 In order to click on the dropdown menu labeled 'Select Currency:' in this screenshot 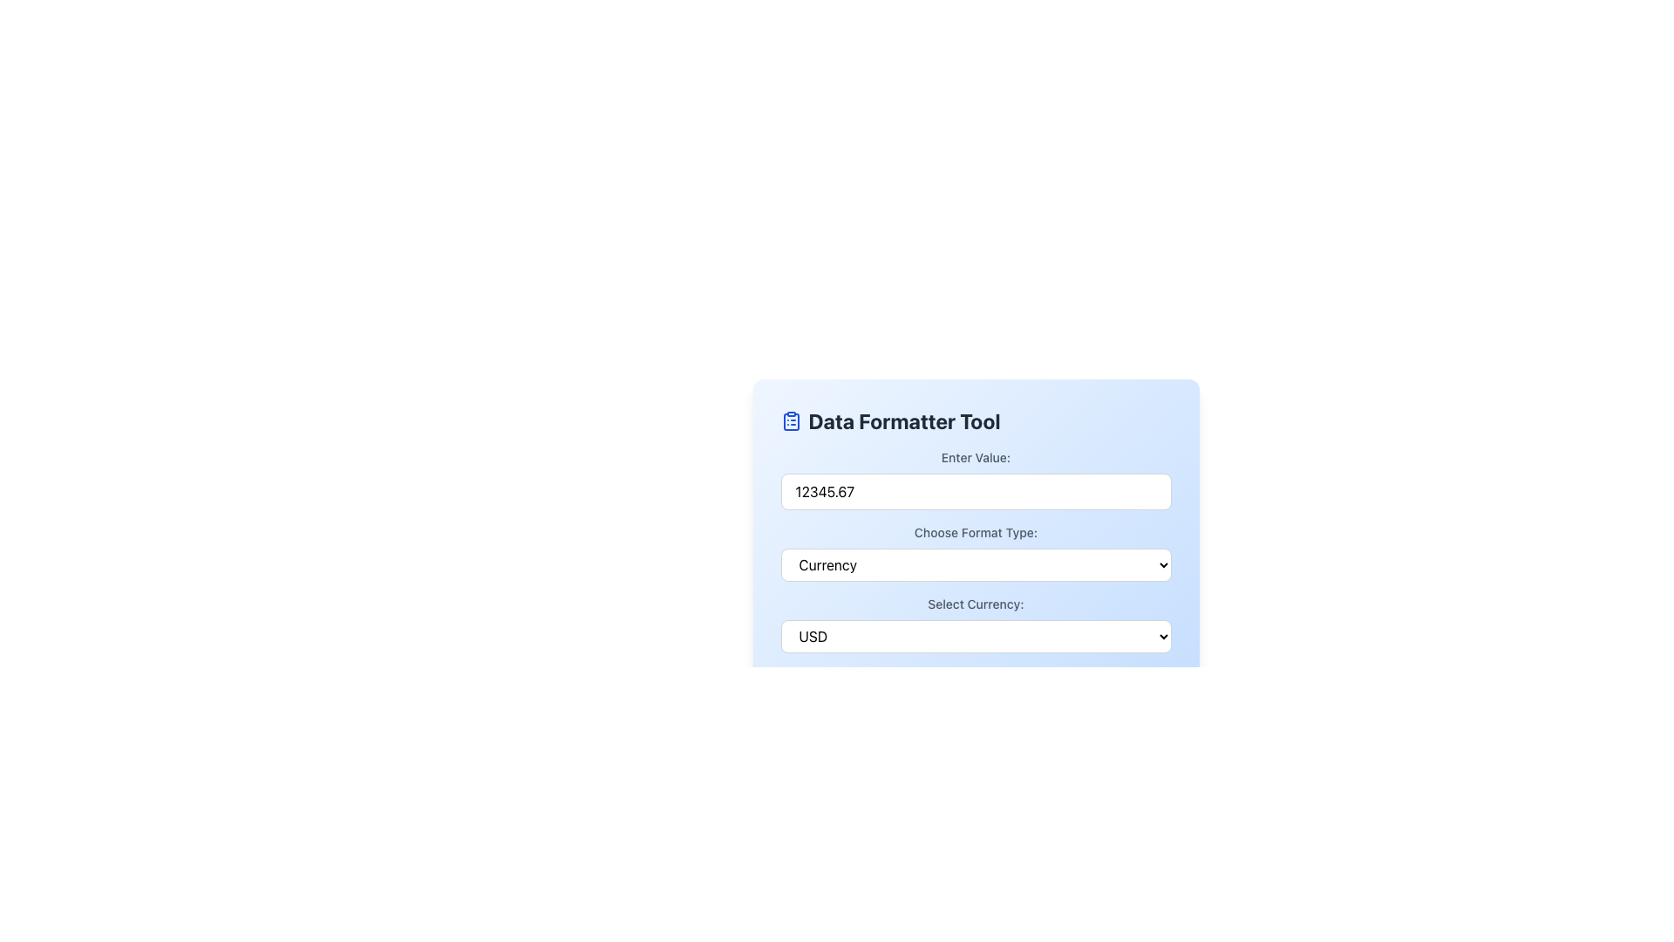, I will do `click(975, 624)`.